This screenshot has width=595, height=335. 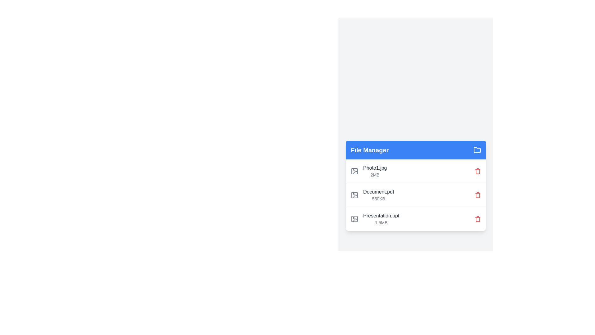 I want to click on the file list item representing 'Presentation.ppt', so click(x=374, y=218).